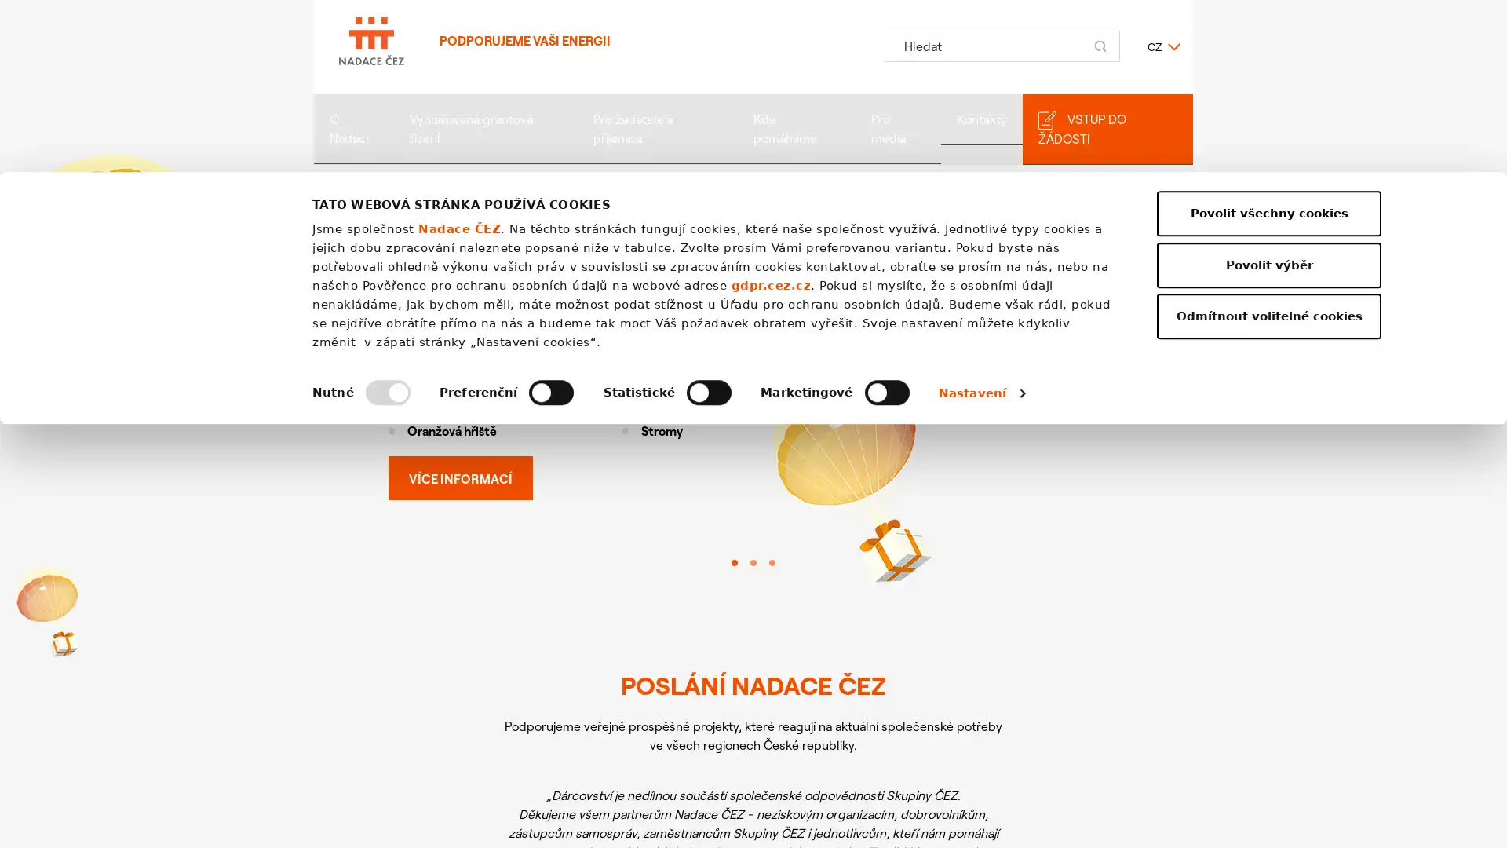 This screenshot has height=848, width=1507. Describe the element at coordinates (1269, 740) in the screenshot. I see `Odmitnout volitelne cookies` at that location.